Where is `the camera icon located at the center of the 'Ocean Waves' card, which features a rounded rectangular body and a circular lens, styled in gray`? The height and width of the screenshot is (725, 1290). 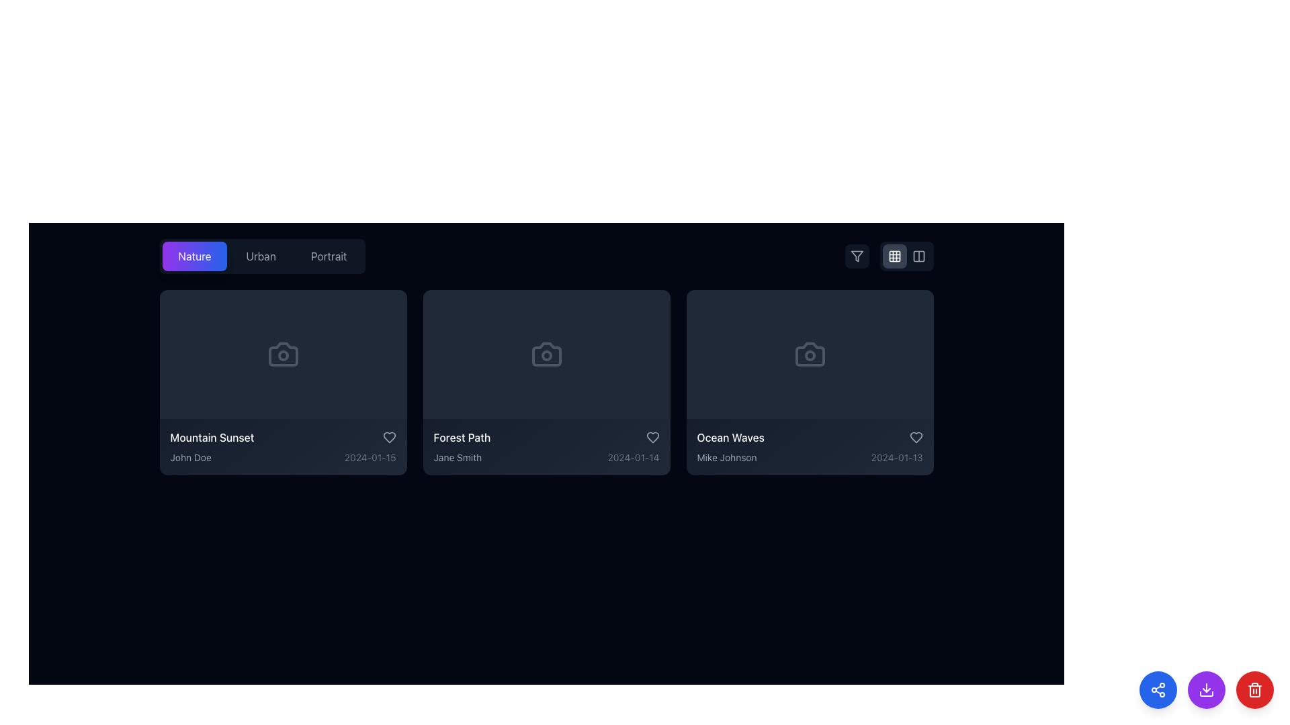
the camera icon located at the center of the 'Ocean Waves' card, which features a rounded rectangular body and a circular lens, styled in gray is located at coordinates (809, 354).